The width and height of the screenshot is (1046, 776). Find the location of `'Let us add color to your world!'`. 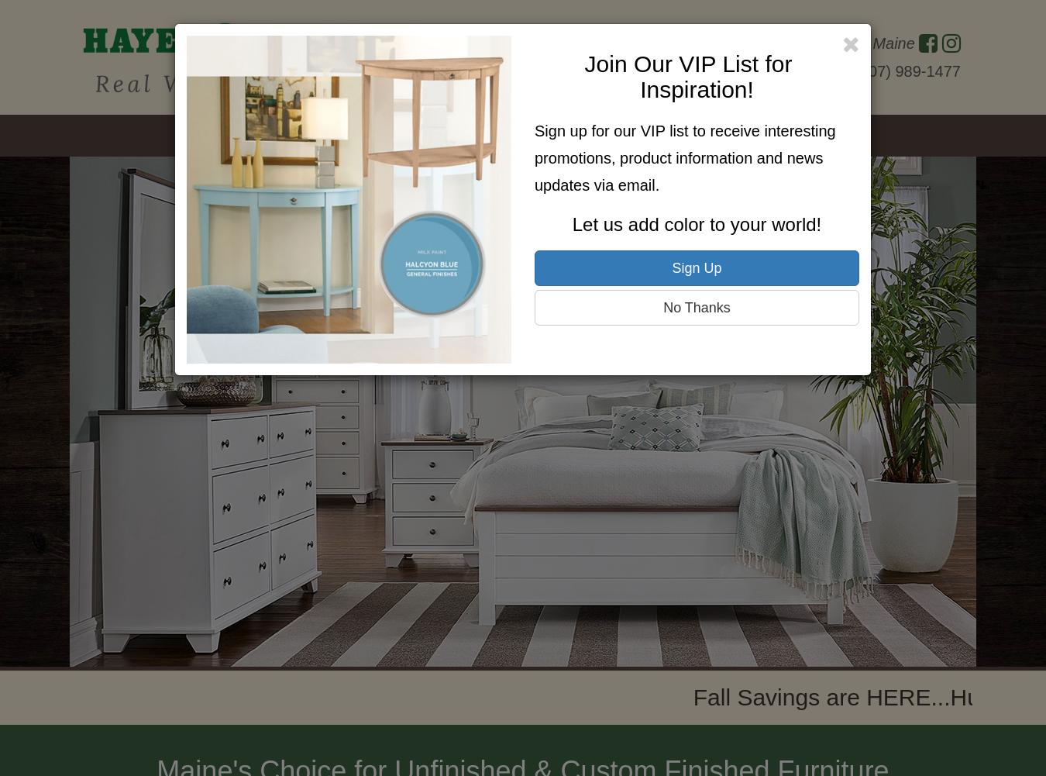

'Let us add color to your world!' is located at coordinates (696, 224).